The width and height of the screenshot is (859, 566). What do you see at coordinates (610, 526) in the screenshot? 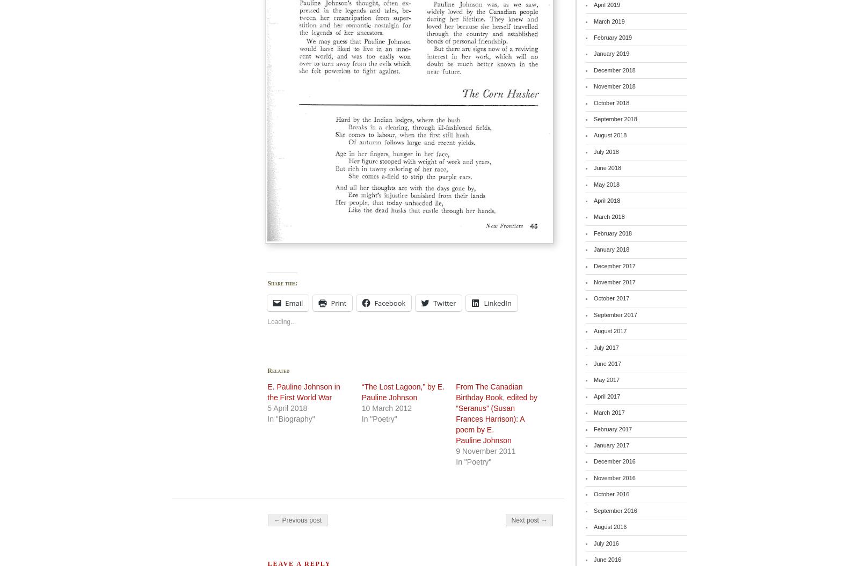
I see `'August 2016'` at bounding box center [610, 526].